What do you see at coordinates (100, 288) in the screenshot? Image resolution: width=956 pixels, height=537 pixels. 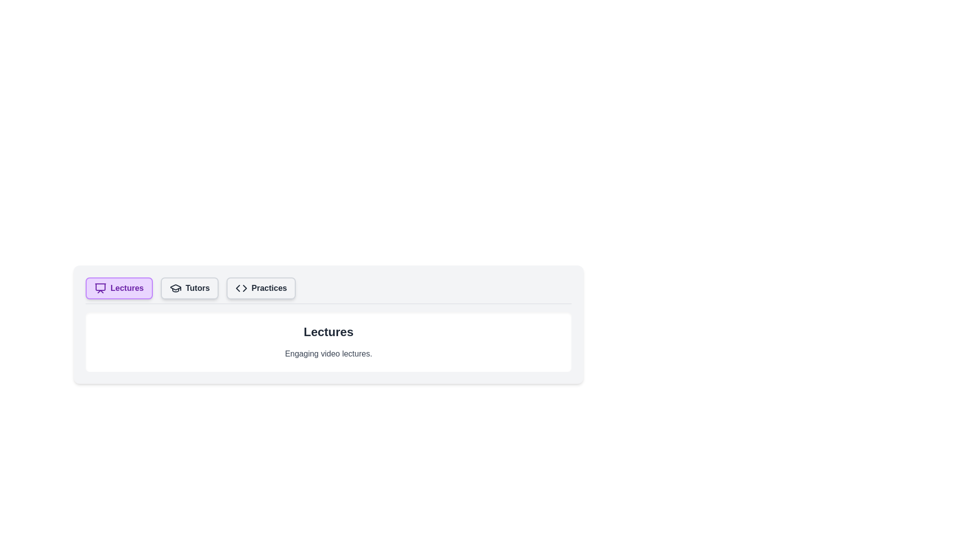 I see `the presentation board icon located within the purple 'Lectures' button, which is the leftmost button in the horizontal row at the top of the interface` at bounding box center [100, 288].